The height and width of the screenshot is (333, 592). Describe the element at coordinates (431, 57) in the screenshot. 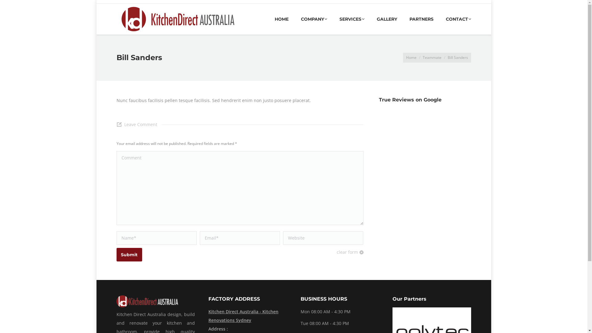

I see `'Teammate'` at that location.